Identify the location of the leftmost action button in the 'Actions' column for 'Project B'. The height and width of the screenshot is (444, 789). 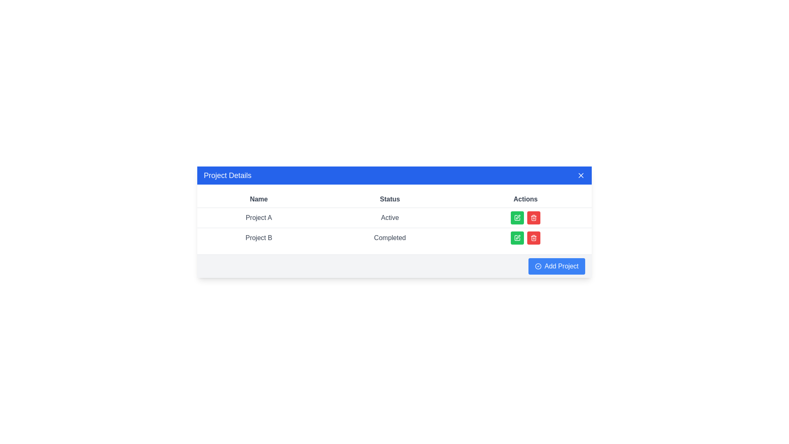
(517, 238).